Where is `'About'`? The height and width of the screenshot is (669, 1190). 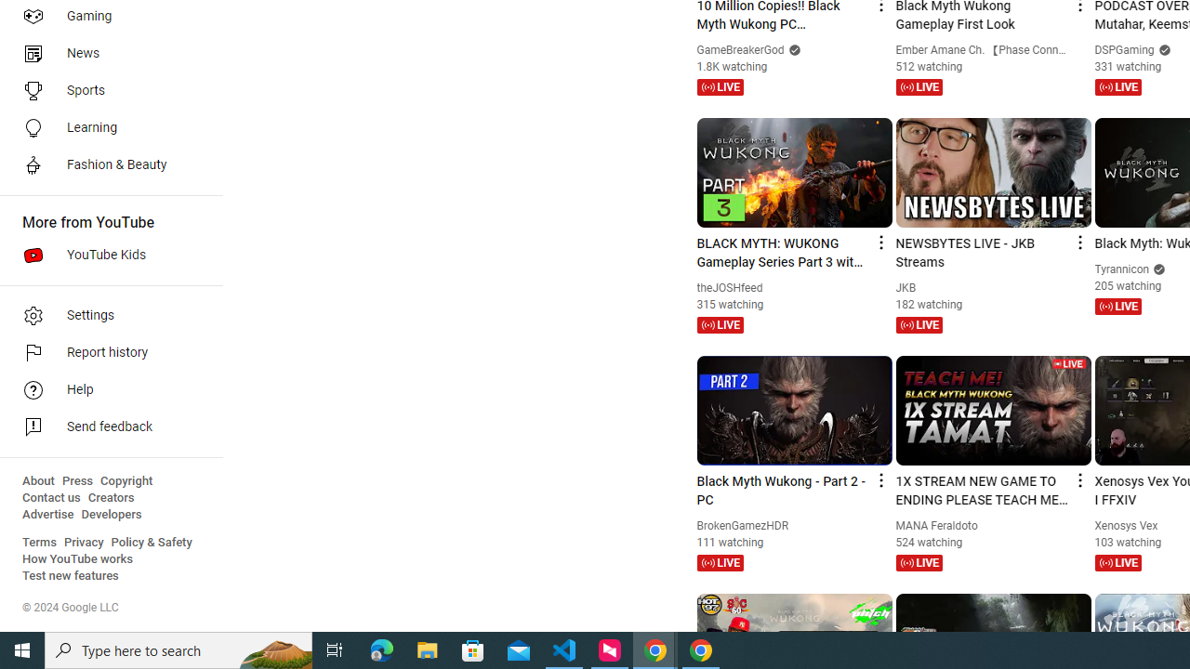
'About' is located at coordinates (38, 480).